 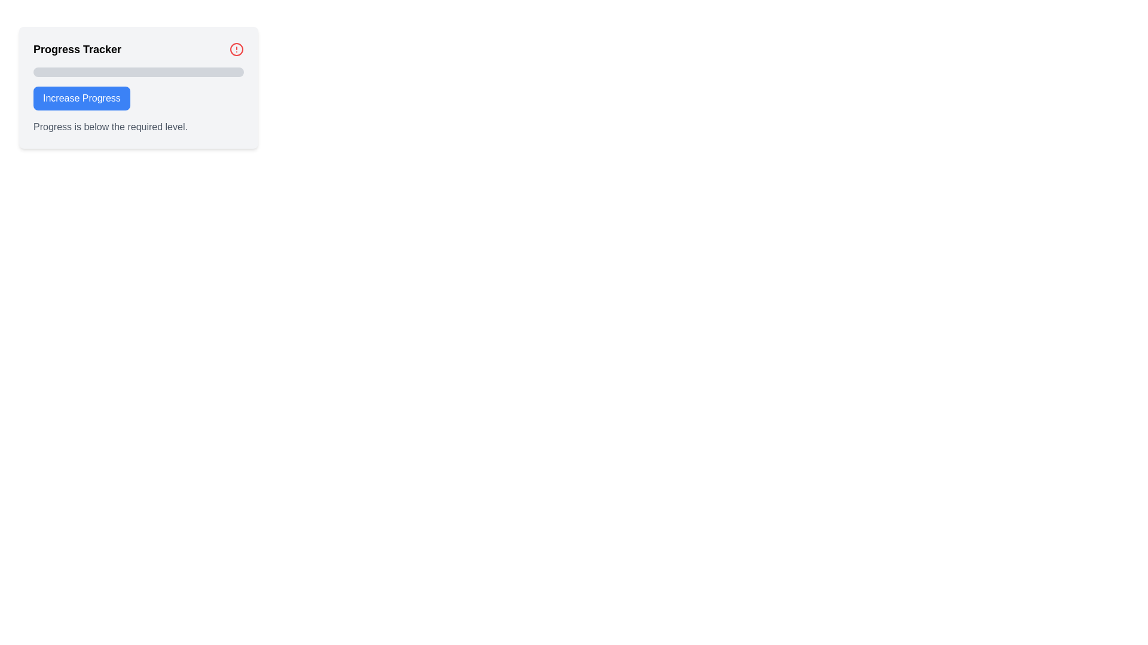 I want to click on the button located in the 'Progress Tracker' section, positioned beneath the progress bar and above the text 'Progress is below the required level', so click(x=81, y=98).